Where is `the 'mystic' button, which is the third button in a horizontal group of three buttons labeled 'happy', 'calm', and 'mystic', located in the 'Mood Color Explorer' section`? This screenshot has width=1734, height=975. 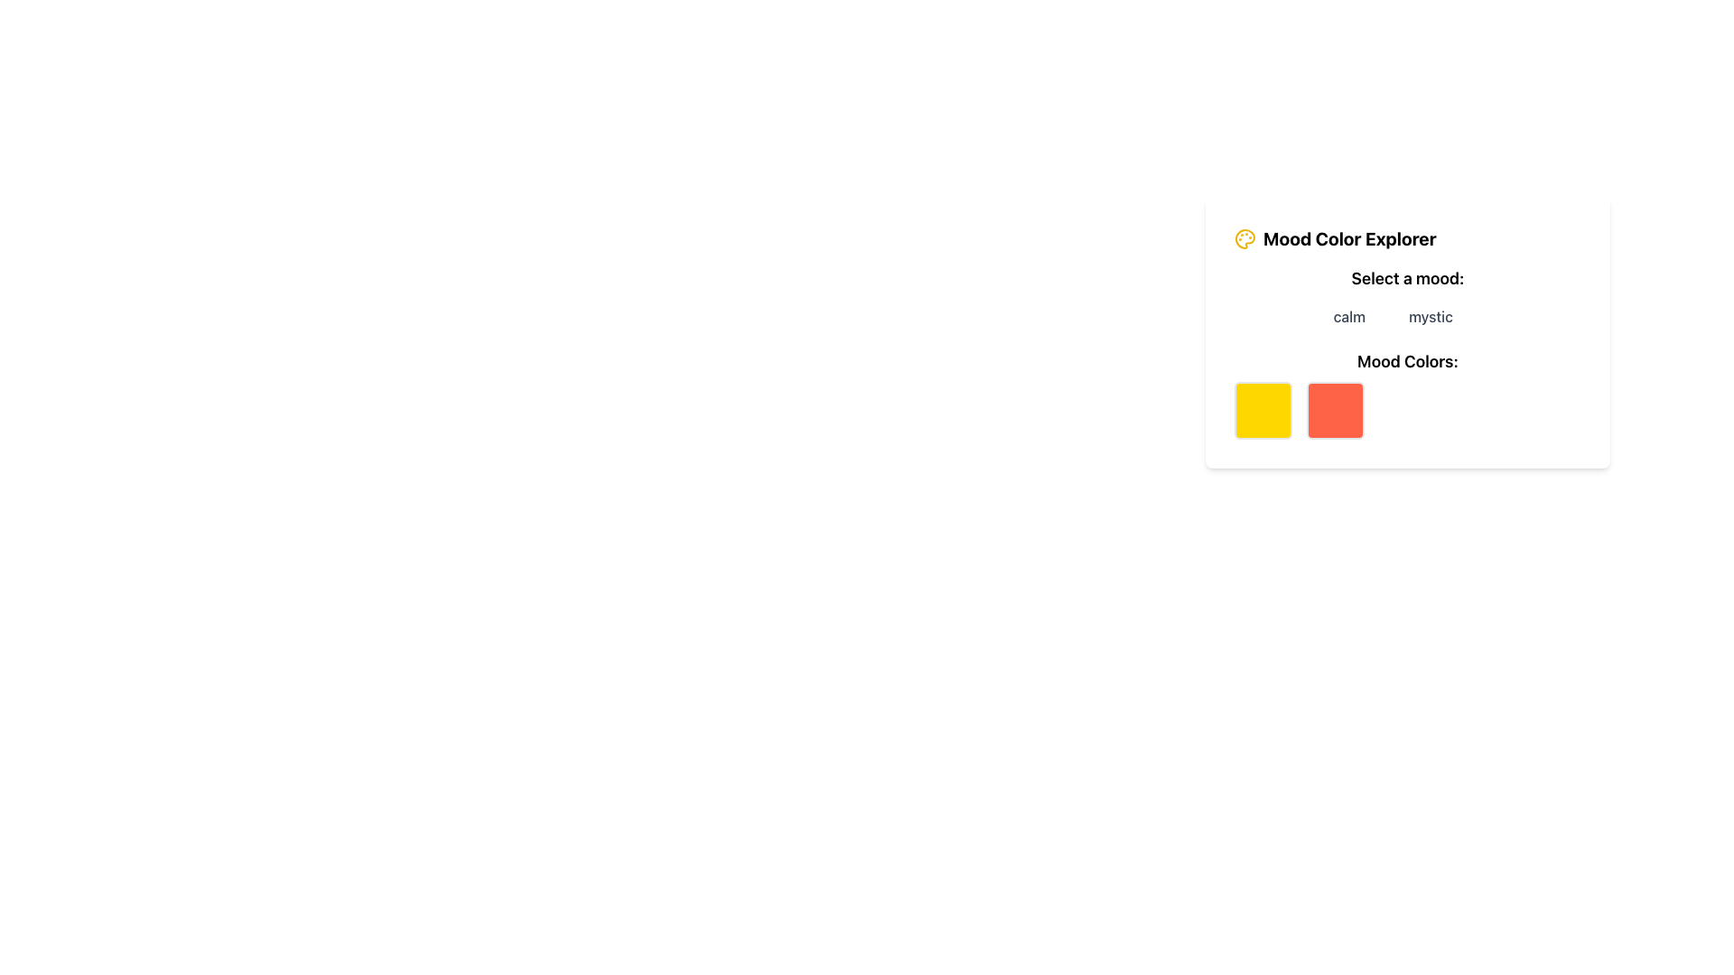
the 'mystic' button, which is the third button in a horizontal group of three buttons labeled 'happy', 'calm', and 'mystic', located in the 'Mood Color Explorer' section is located at coordinates (1430, 316).